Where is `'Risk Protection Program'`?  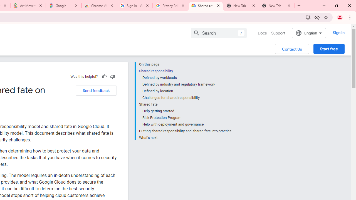
'Risk Protection Program' is located at coordinates (187, 117).